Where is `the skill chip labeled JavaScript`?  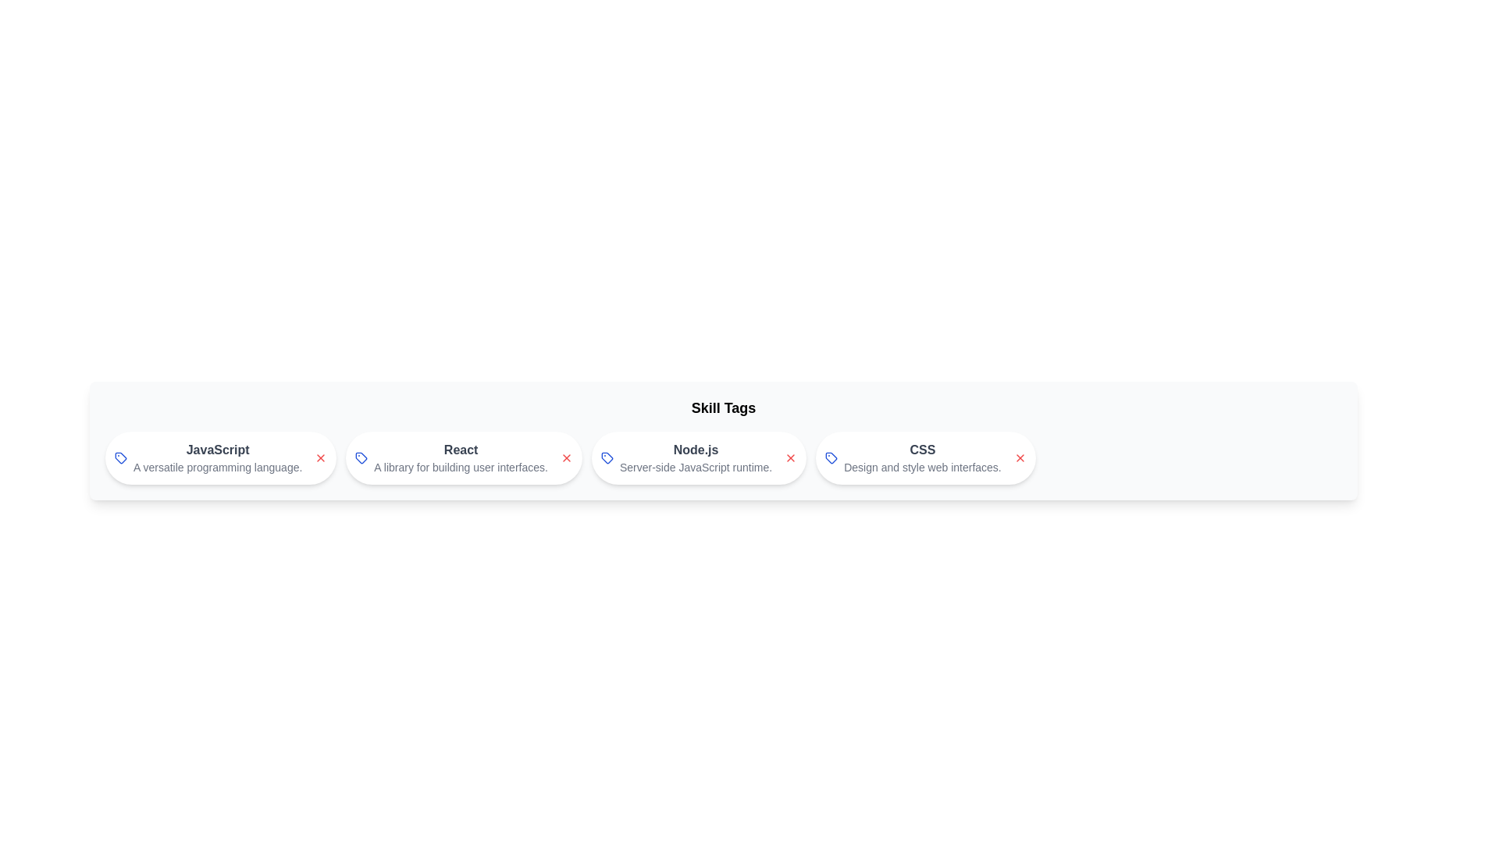
the skill chip labeled JavaScript is located at coordinates (220, 457).